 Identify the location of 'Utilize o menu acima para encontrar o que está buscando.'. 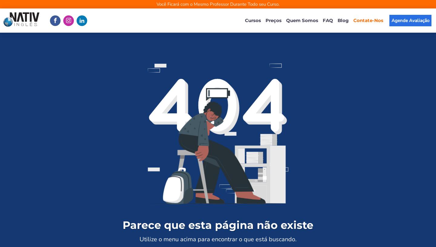
(218, 239).